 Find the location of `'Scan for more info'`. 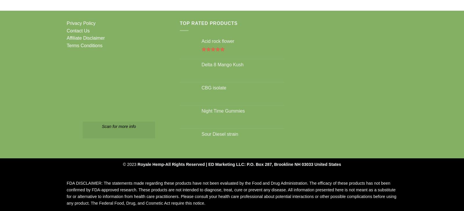

'Scan for more info' is located at coordinates (118, 126).